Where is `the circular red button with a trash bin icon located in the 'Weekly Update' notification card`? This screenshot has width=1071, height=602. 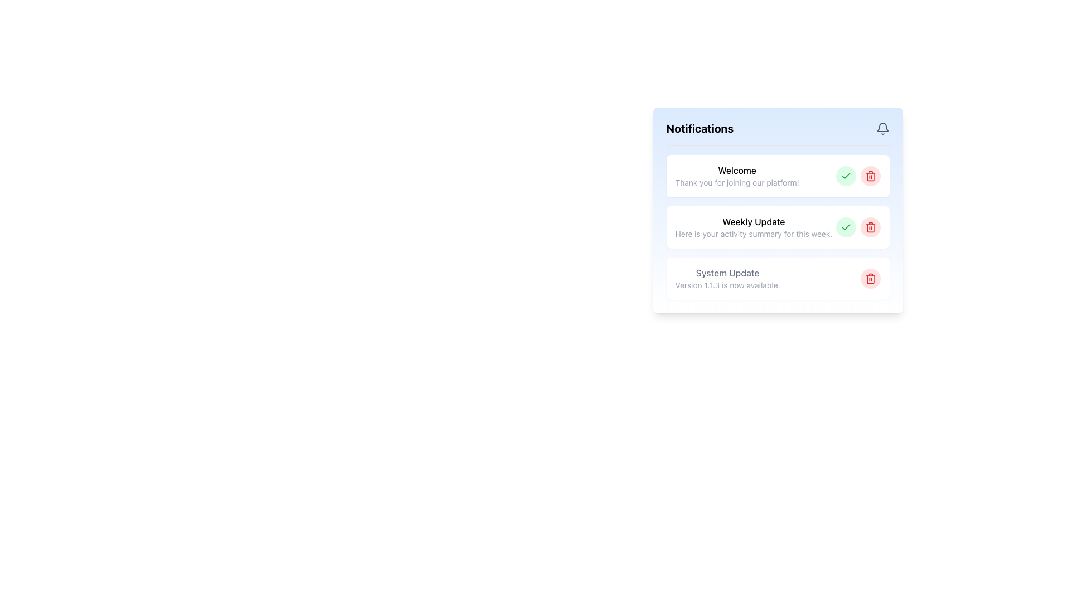 the circular red button with a trash bin icon located in the 'Weekly Update' notification card is located at coordinates (870, 227).